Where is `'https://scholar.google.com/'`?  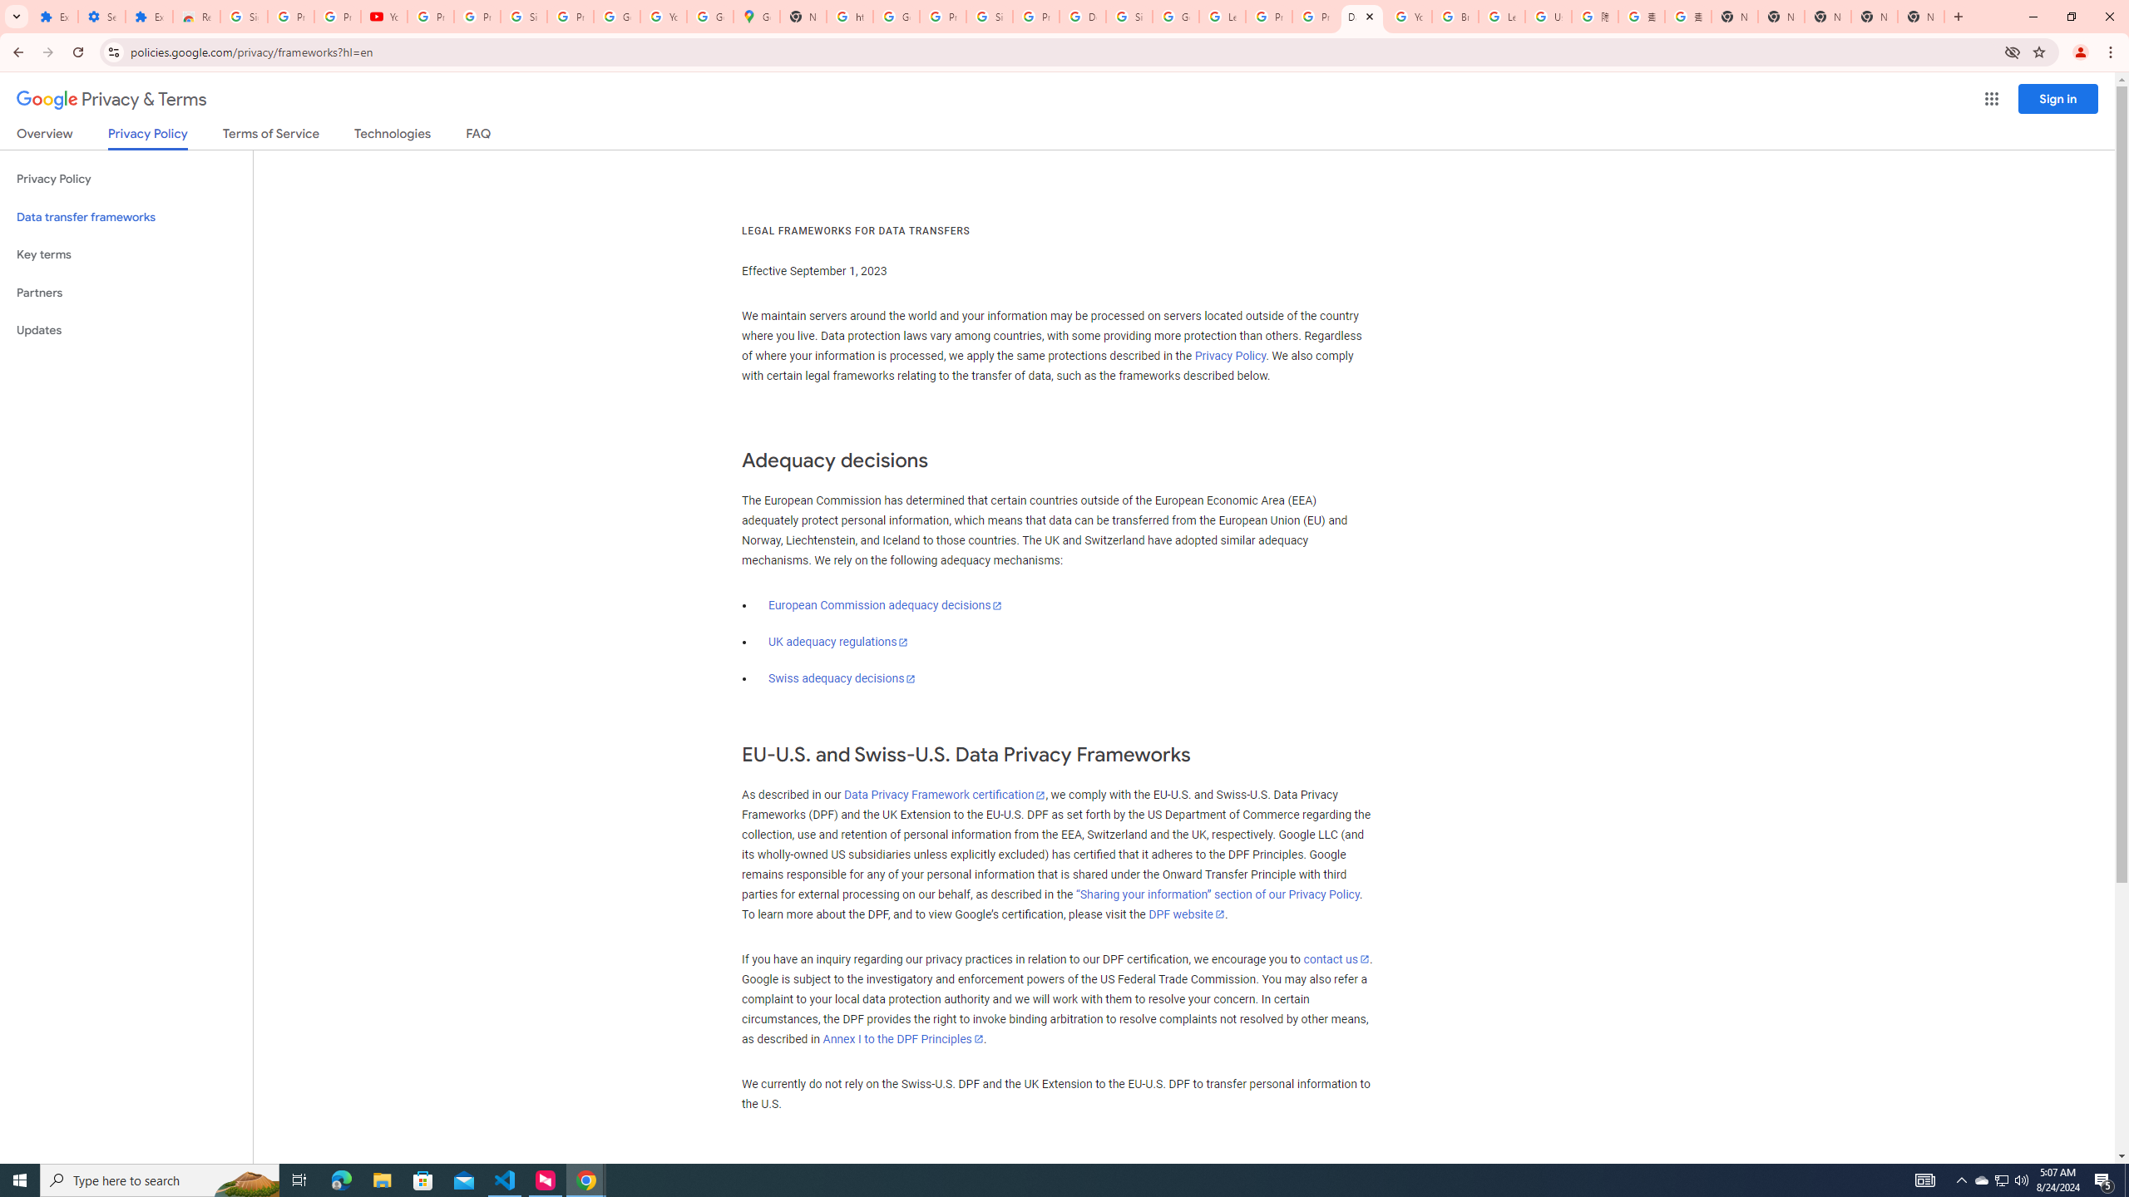 'https://scholar.google.com/' is located at coordinates (850, 16).